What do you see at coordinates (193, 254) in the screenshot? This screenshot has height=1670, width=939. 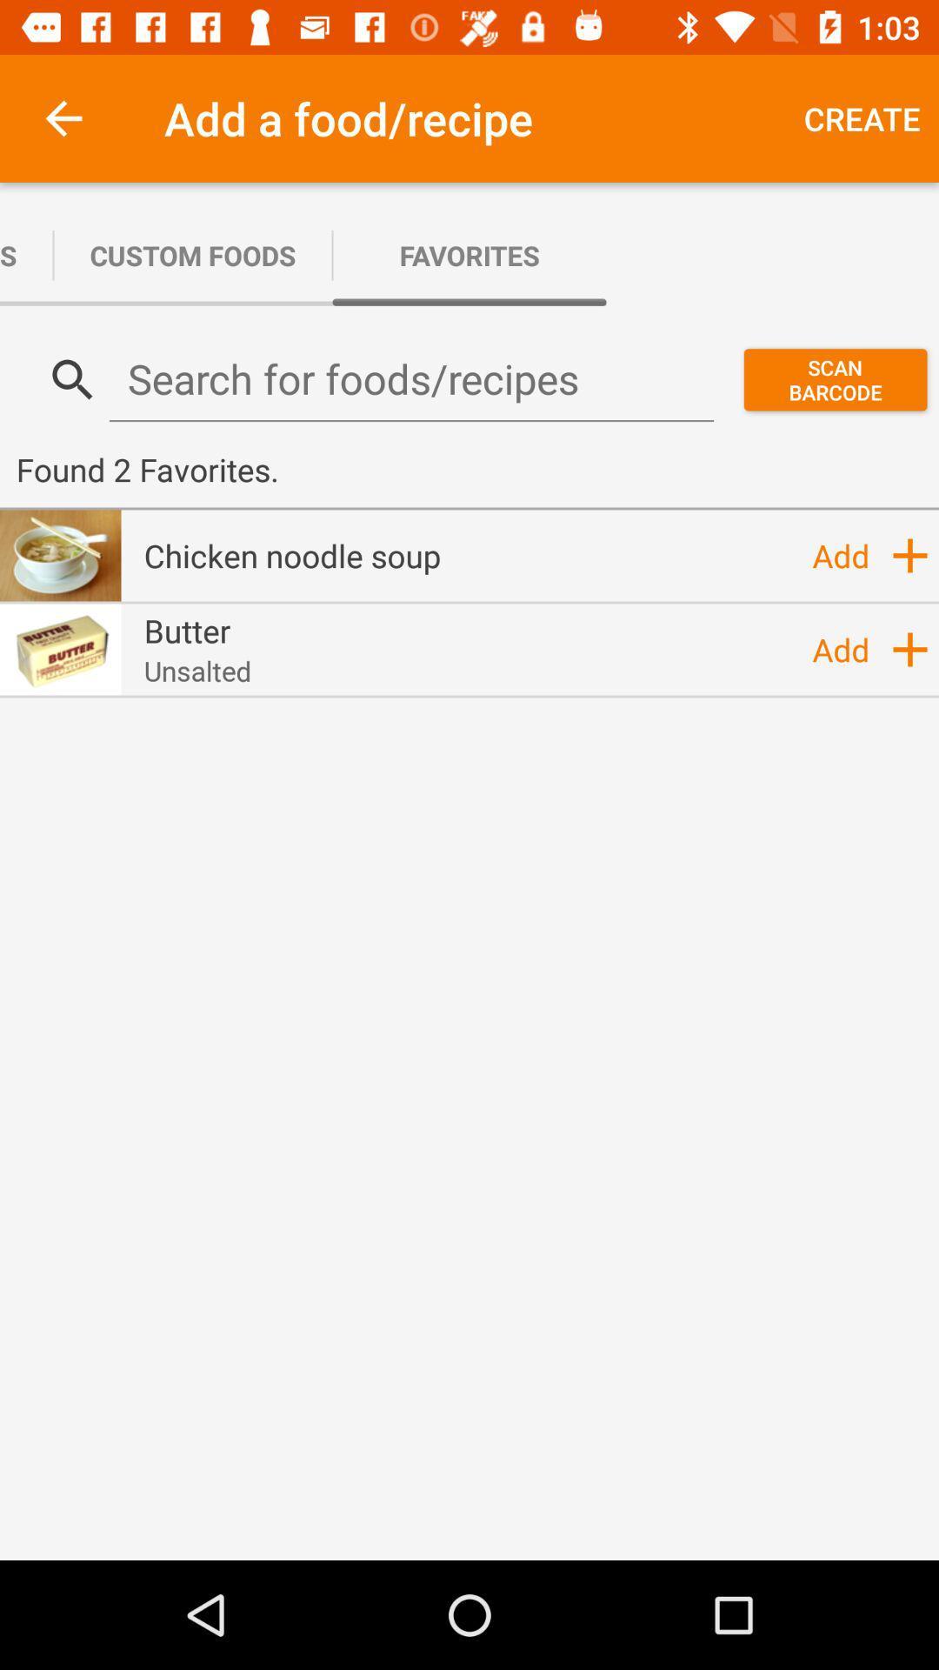 I see `the icon to the right of custom recipes` at bounding box center [193, 254].